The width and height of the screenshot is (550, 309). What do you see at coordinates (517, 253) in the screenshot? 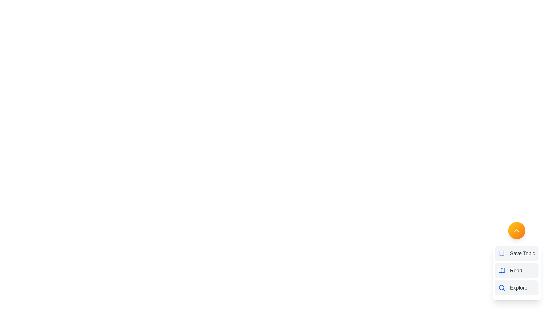
I see `the menu option Save Topic from the LearningSpeedDial menu` at bounding box center [517, 253].